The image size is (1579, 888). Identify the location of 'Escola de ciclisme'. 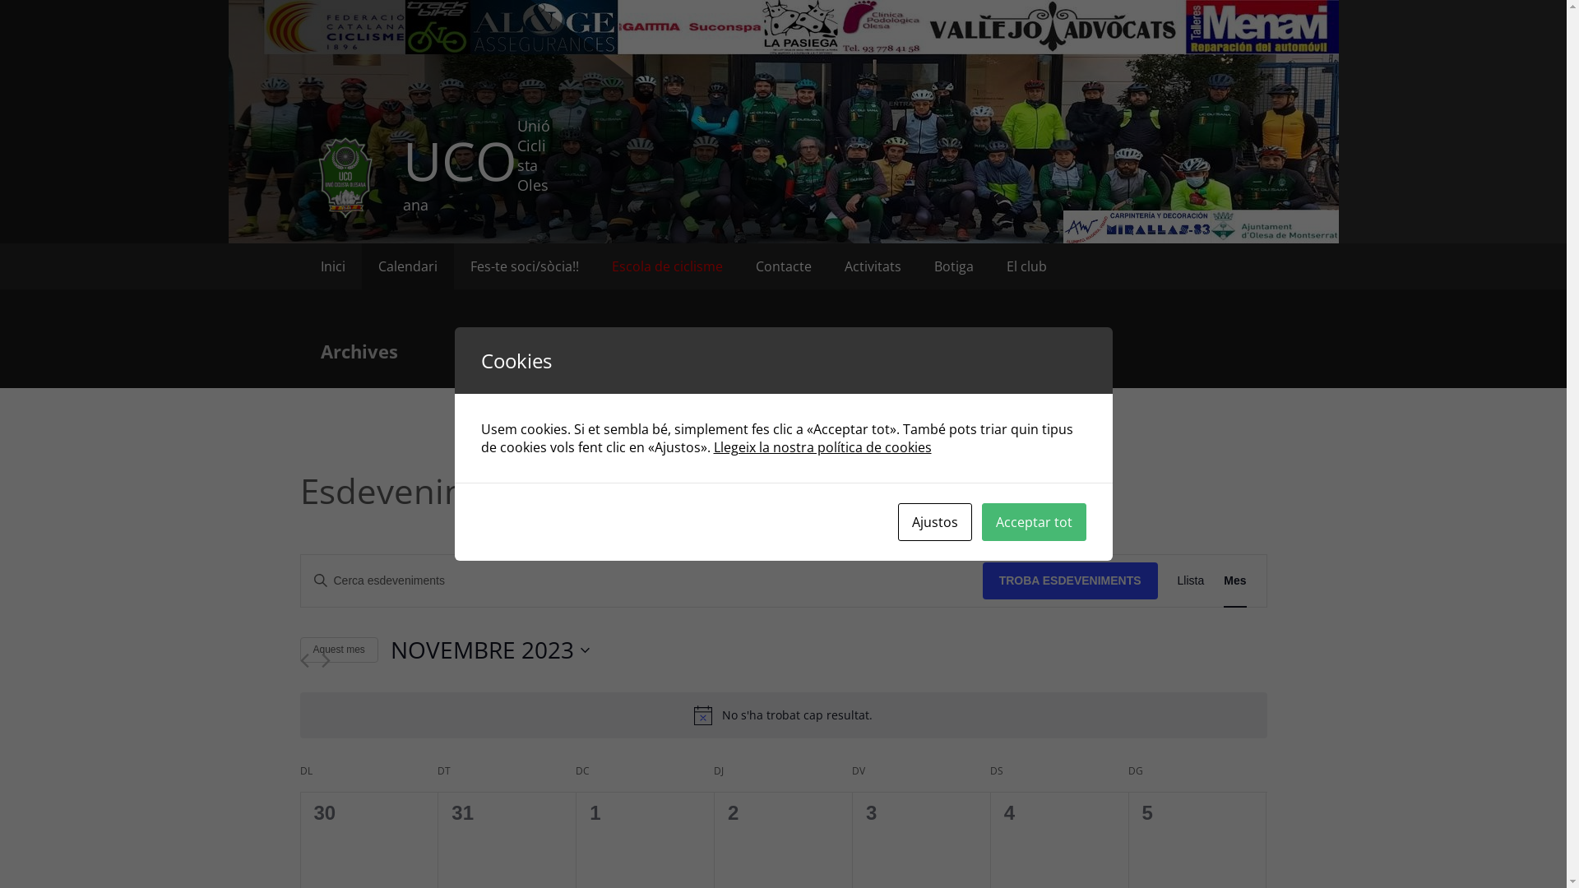
(667, 266).